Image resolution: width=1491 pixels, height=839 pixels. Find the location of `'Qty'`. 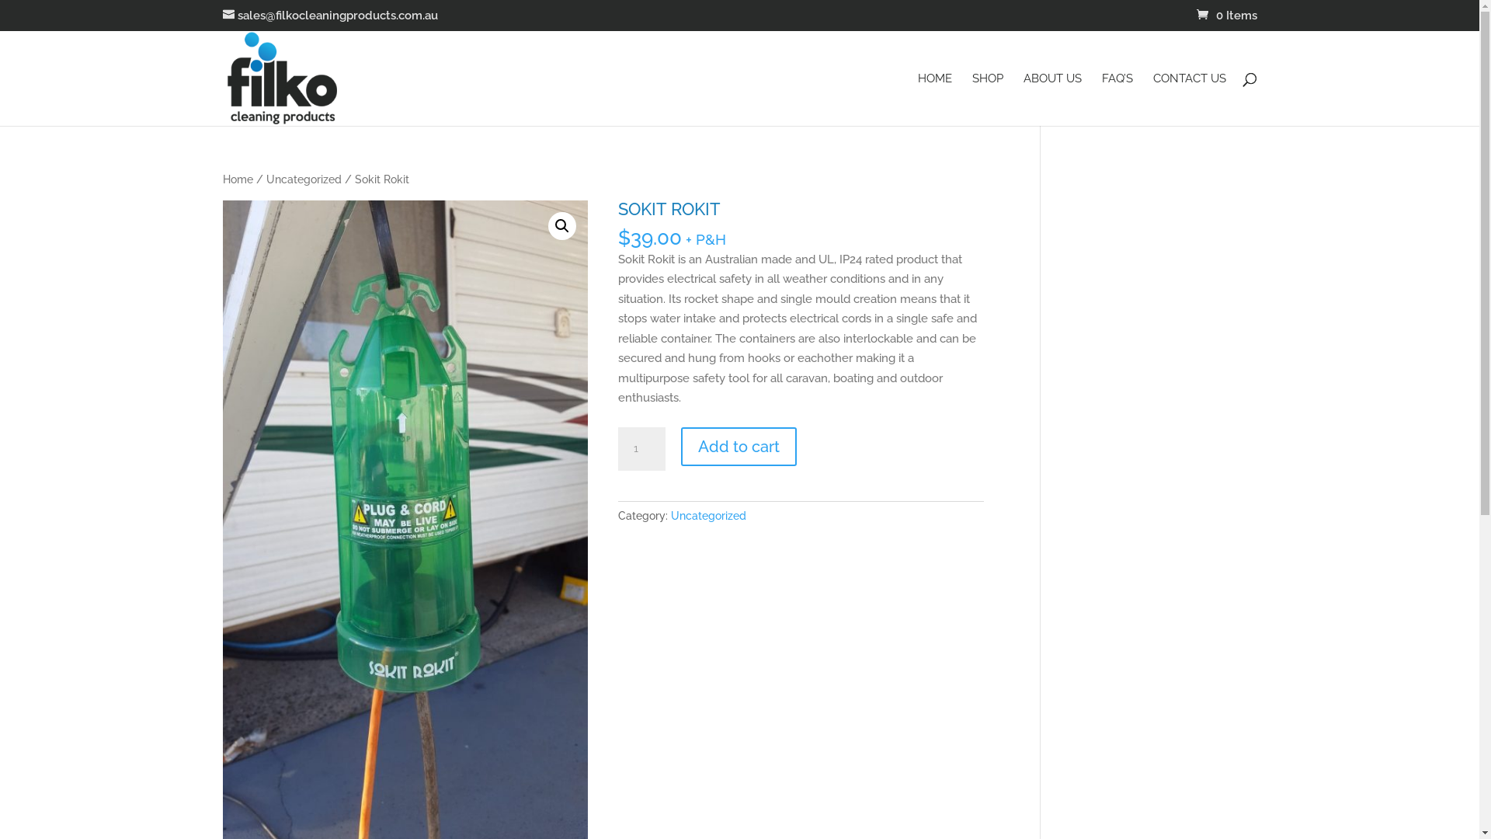

'Qty' is located at coordinates (641, 449).